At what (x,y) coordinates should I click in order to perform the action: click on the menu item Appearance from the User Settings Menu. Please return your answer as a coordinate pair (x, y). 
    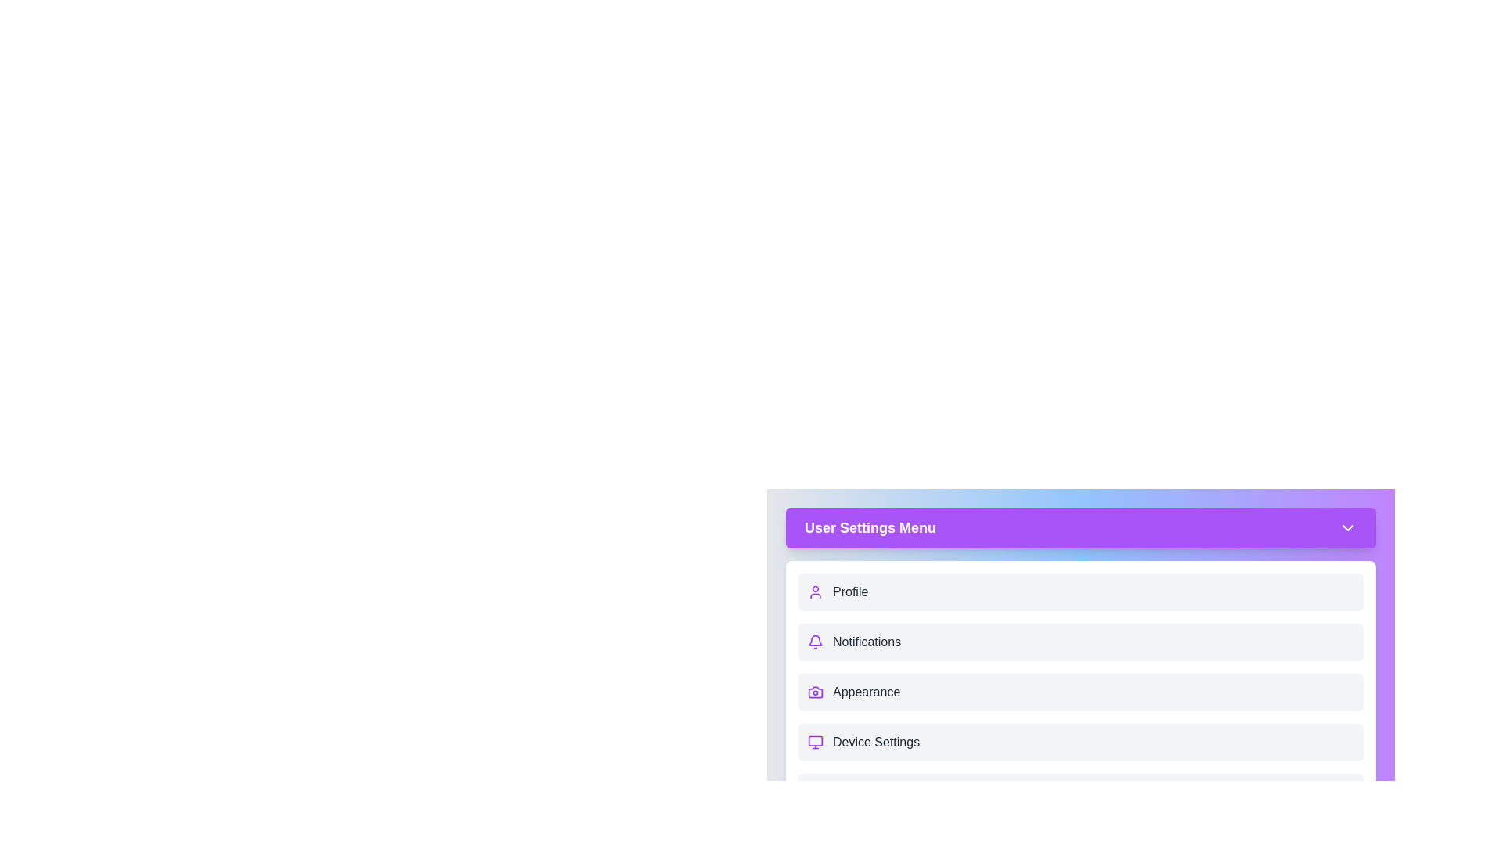
    Looking at the image, I should click on (1080, 691).